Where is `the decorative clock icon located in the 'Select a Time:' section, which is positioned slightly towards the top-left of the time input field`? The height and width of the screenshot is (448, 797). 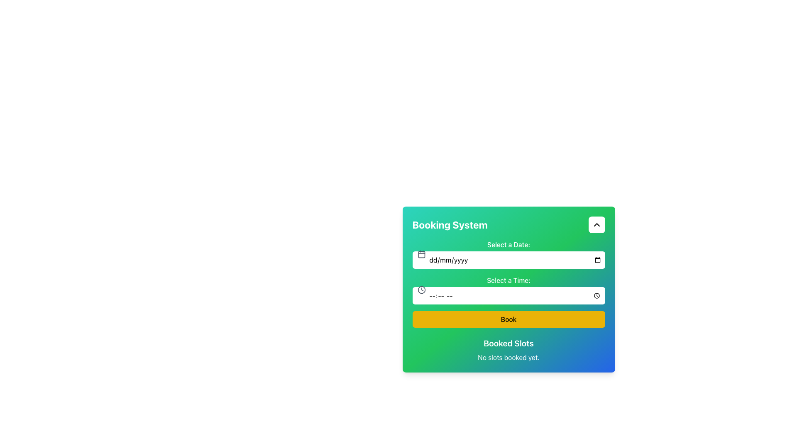
the decorative clock icon located in the 'Select a Time:' section, which is positioned slightly towards the top-left of the time input field is located at coordinates (421, 289).